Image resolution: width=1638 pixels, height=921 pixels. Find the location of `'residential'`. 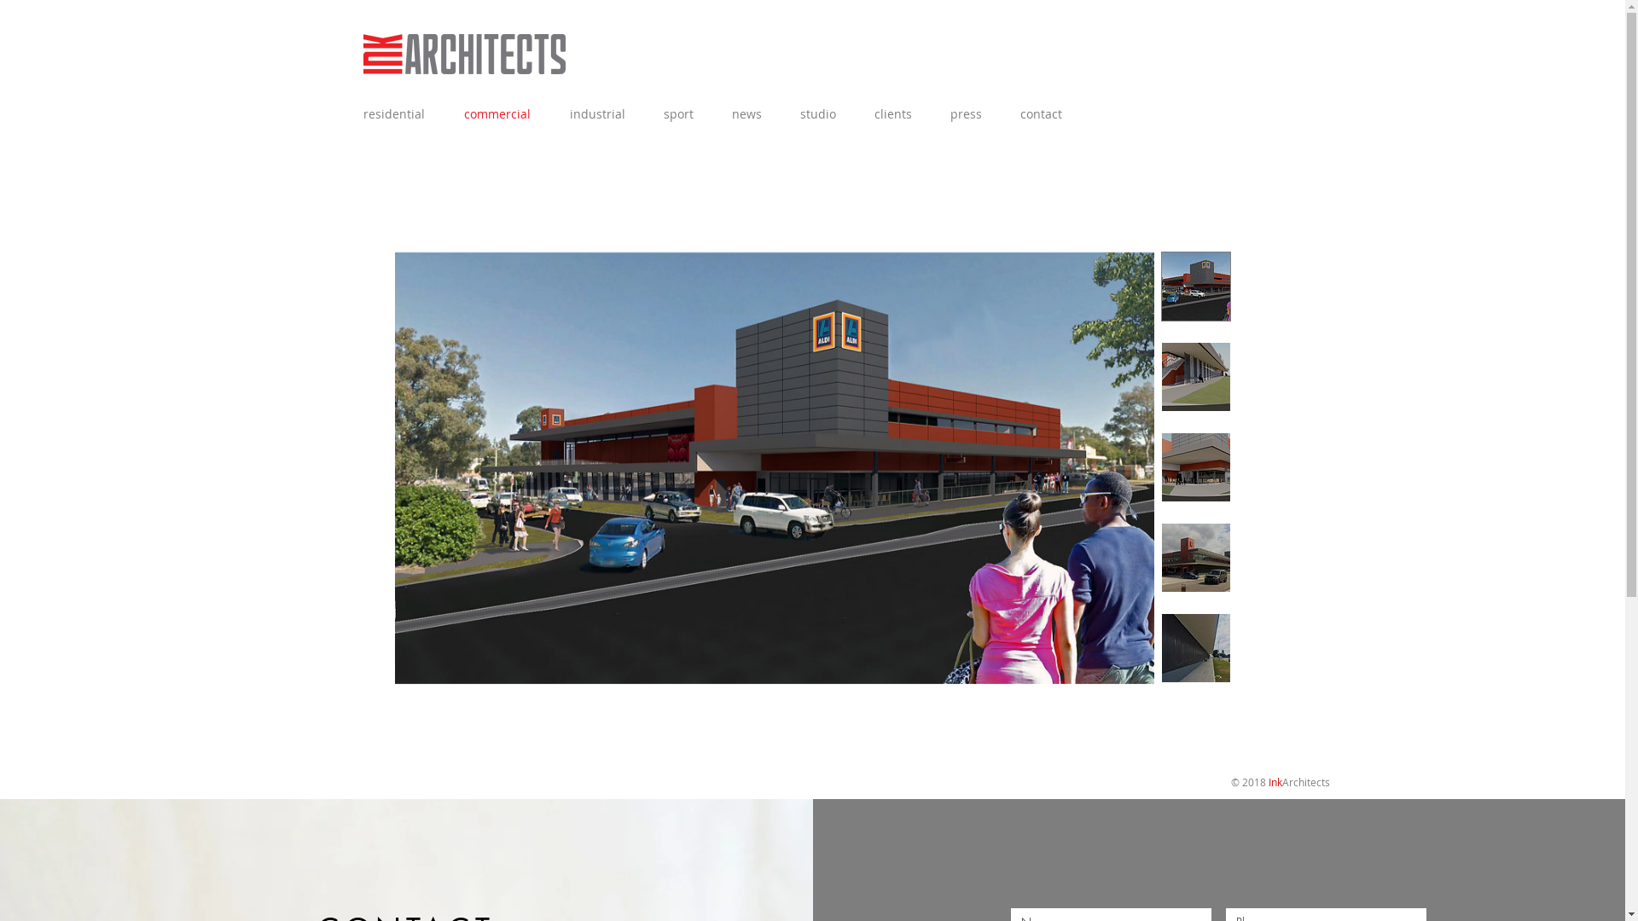

'residential' is located at coordinates (348, 113).